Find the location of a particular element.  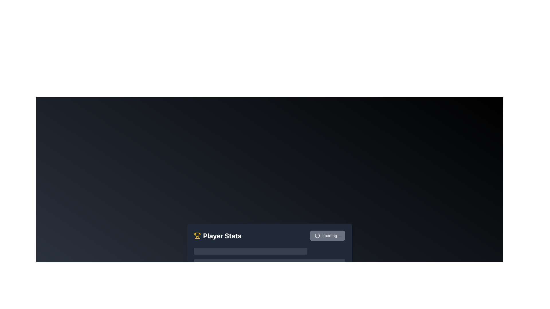

the circular loading spinner icon located to the left of the text 'Loading...' within the button in the 'Player Stats' pane is located at coordinates (317, 236).